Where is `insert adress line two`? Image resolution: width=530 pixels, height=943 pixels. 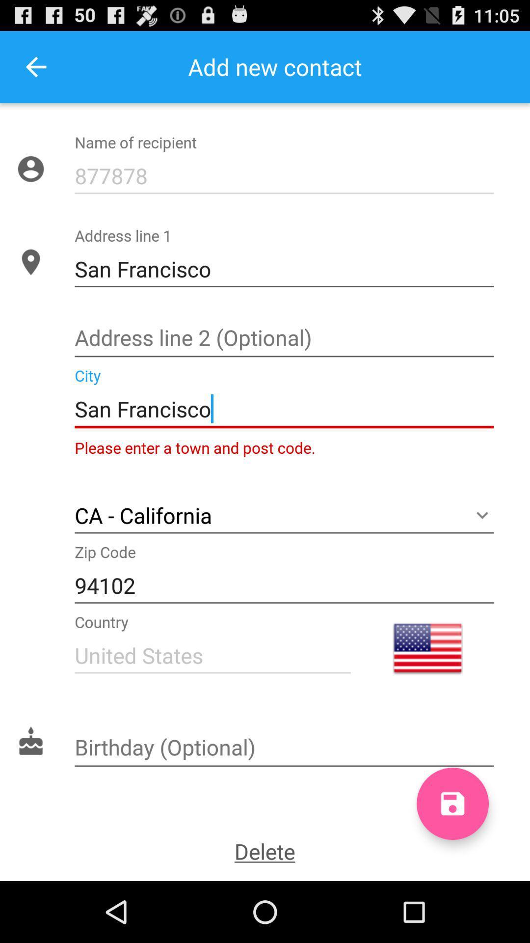
insert adress line two is located at coordinates (284, 339).